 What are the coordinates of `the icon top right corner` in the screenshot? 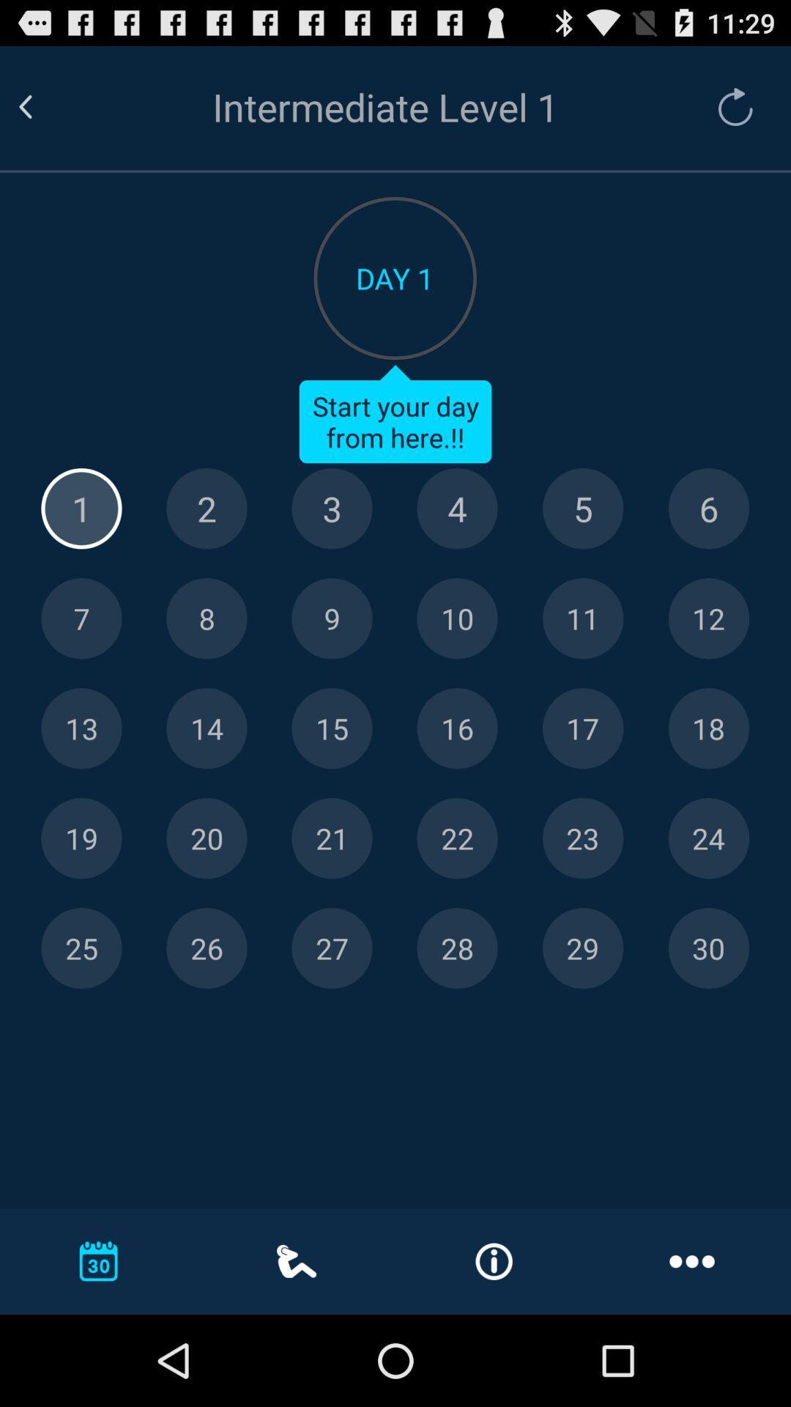 It's located at (728, 106).